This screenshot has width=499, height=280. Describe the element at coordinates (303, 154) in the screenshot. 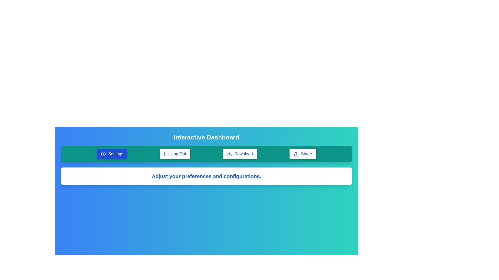

I see `the Share button to trigger its functionality` at that location.